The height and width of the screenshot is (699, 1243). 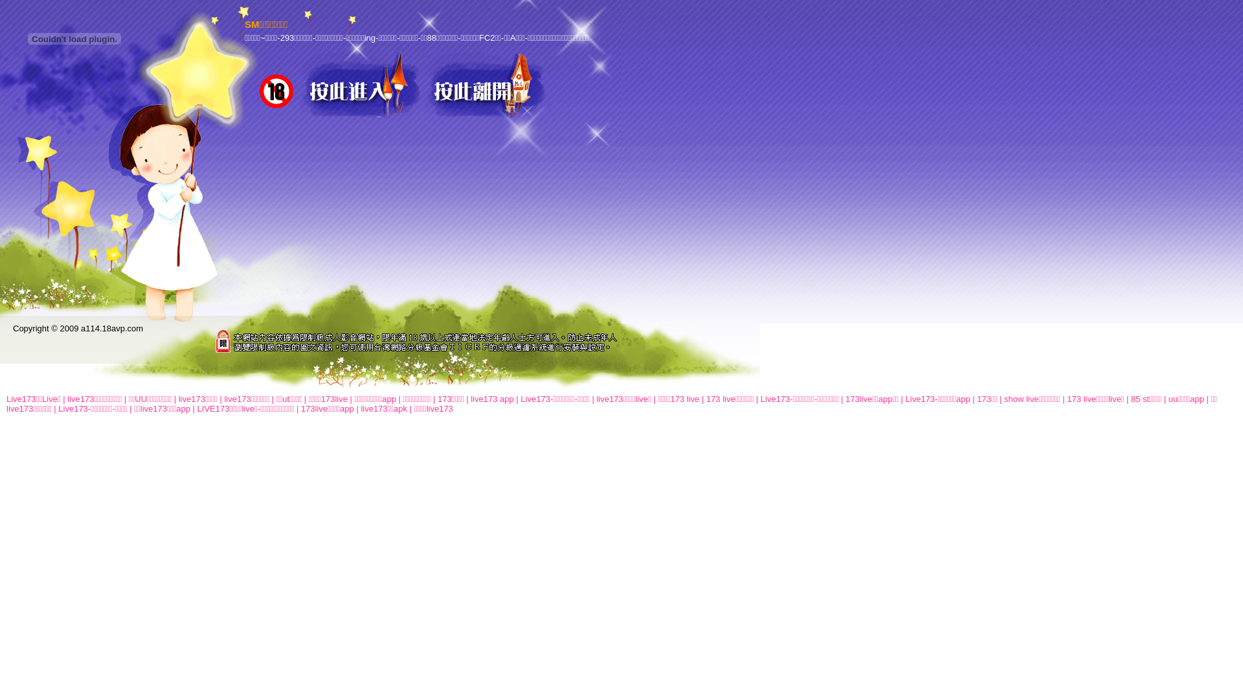 What do you see at coordinates (469, 398) in the screenshot?
I see `'live173 app'` at bounding box center [469, 398].